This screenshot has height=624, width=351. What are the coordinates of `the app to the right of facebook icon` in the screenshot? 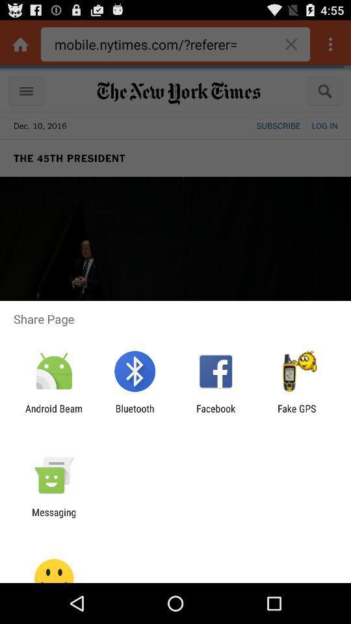 It's located at (296, 413).